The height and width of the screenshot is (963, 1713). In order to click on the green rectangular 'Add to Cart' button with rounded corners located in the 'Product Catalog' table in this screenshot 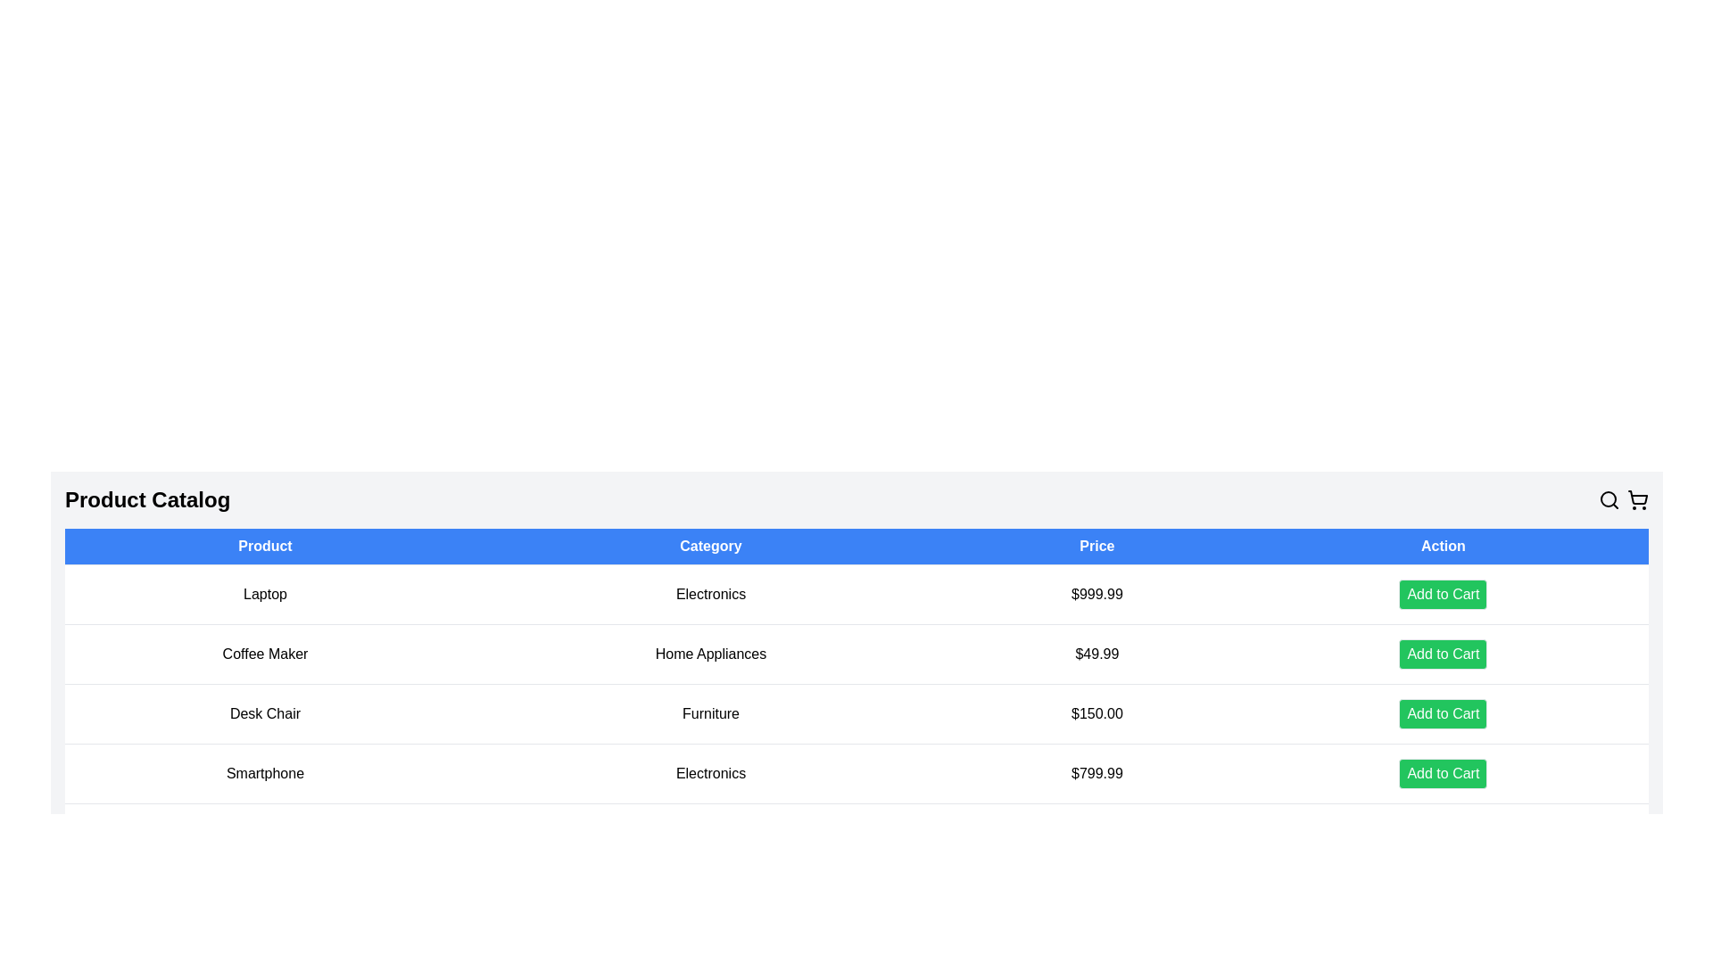, I will do `click(1443, 595)`.